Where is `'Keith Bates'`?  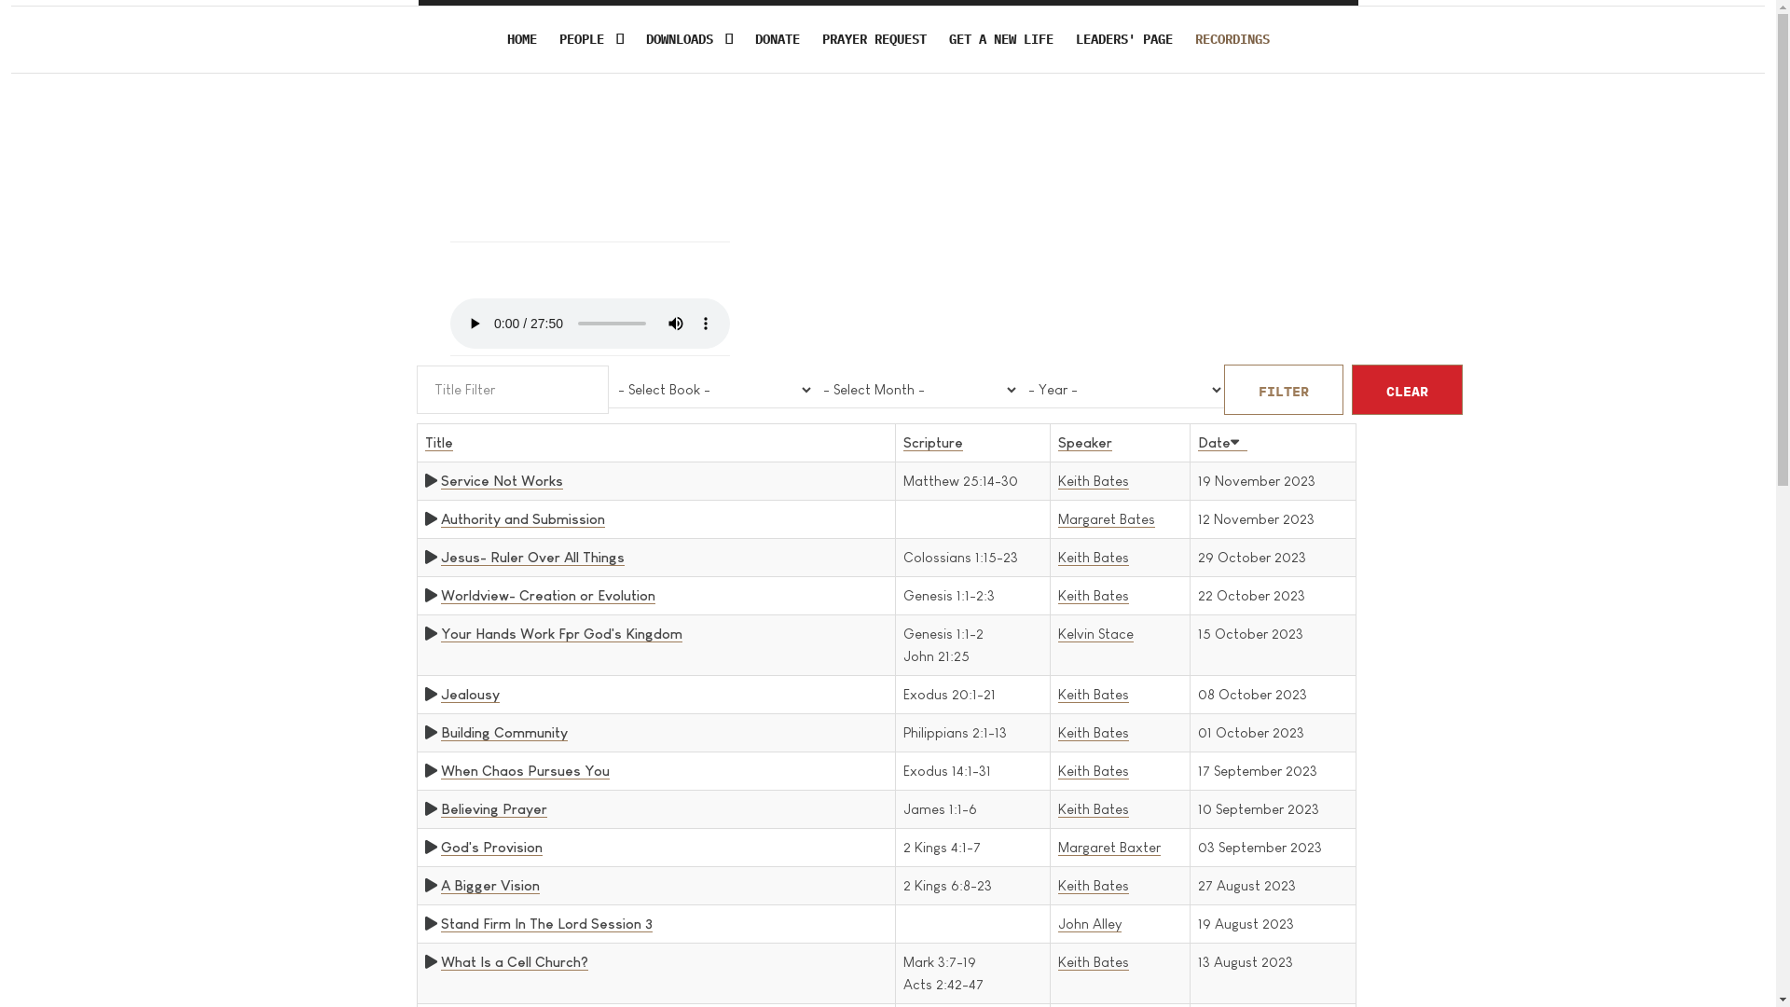
'Keith Bates' is located at coordinates (1093, 556).